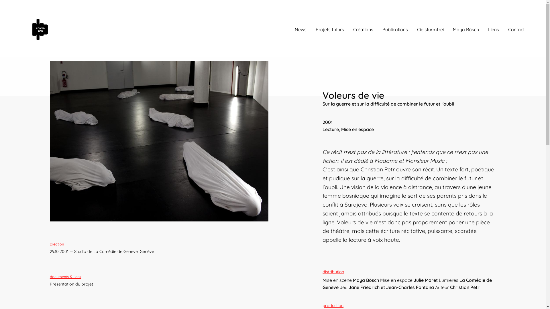  What do you see at coordinates (516, 29) in the screenshot?
I see `'Contact'` at bounding box center [516, 29].